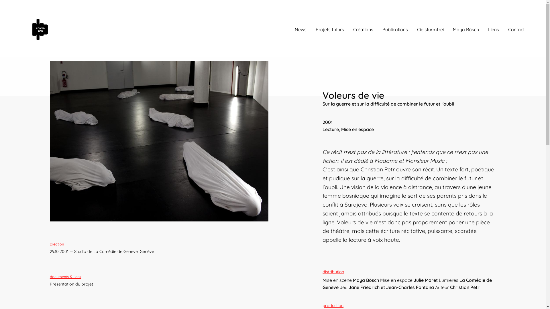  What do you see at coordinates (516, 29) in the screenshot?
I see `'Contact'` at bounding box center [516, 29].